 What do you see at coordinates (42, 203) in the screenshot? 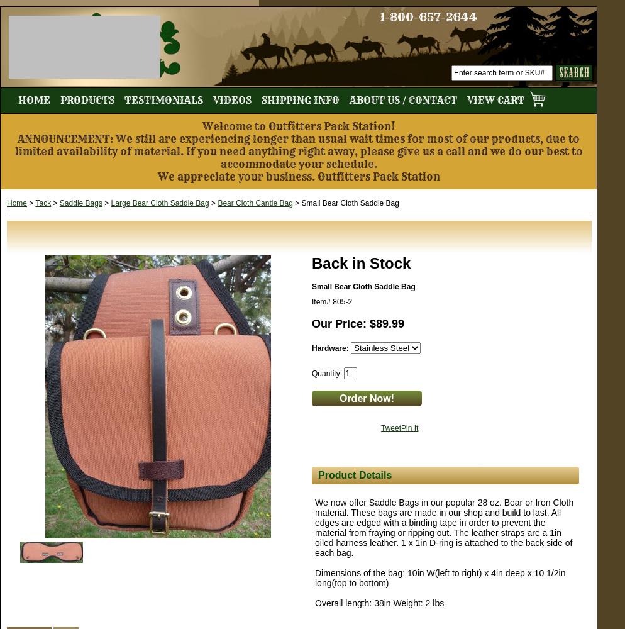
I see `'Tack'` at bounding box center [42, 203].